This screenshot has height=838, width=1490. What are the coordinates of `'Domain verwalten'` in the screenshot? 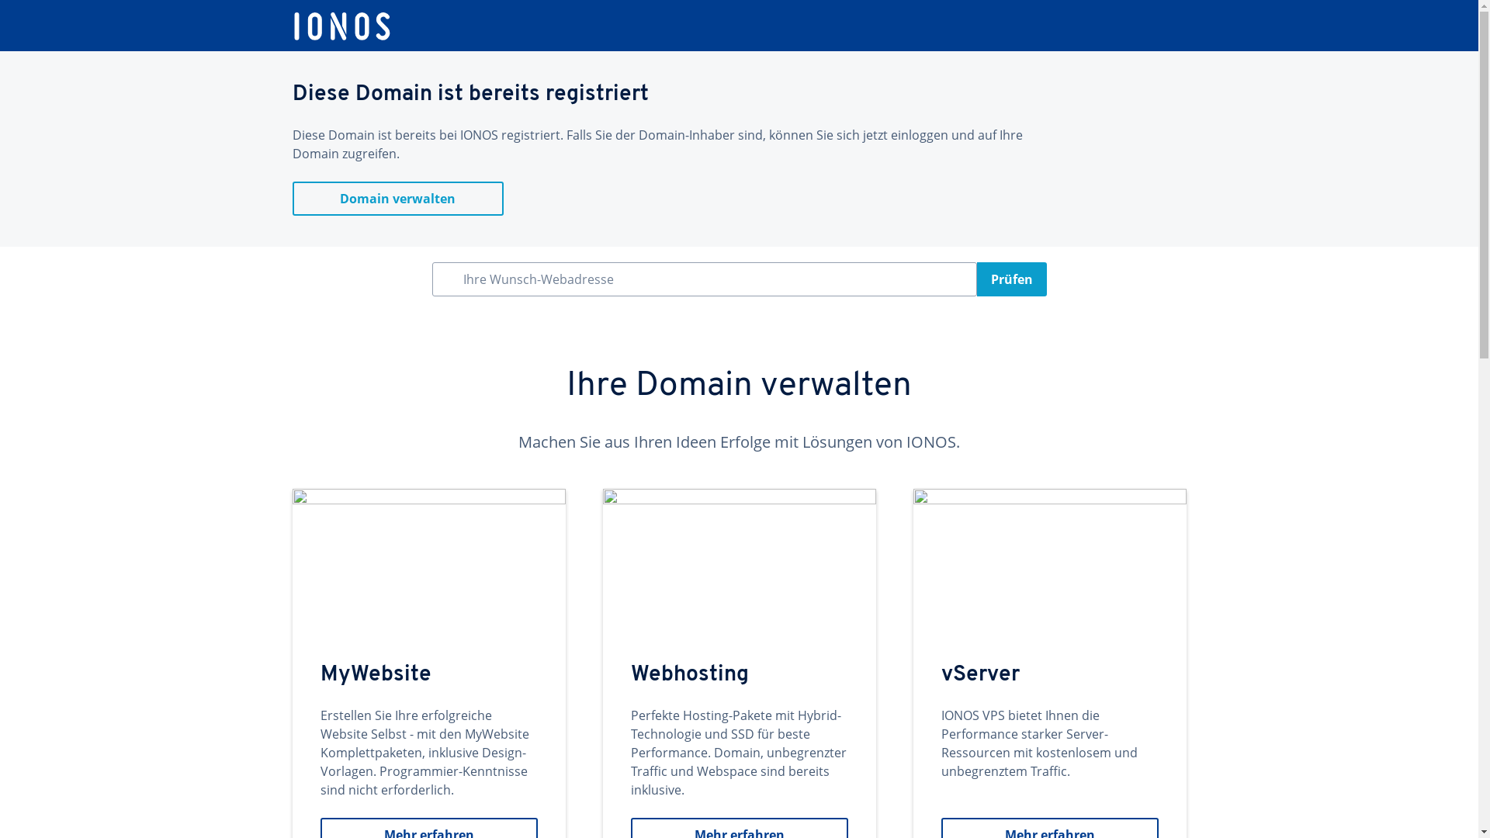 It's located at (397, 197).